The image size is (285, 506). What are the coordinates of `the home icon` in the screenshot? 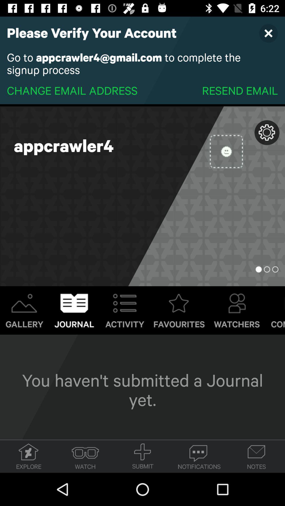 It's located at (28, 456).